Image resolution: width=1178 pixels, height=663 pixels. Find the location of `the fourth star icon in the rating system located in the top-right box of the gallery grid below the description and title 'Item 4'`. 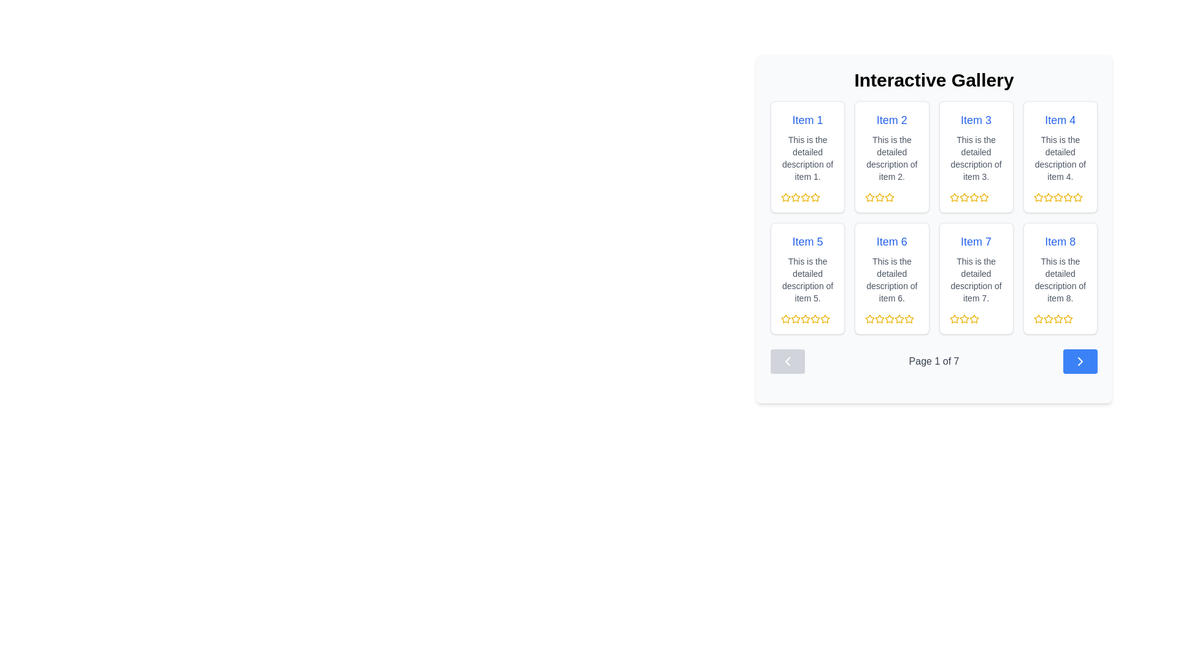

the fourth star icon in the rating system located in the top-right box of the gallery grid below the description and title 'Item 4' is located at coordinates (1057, 196).